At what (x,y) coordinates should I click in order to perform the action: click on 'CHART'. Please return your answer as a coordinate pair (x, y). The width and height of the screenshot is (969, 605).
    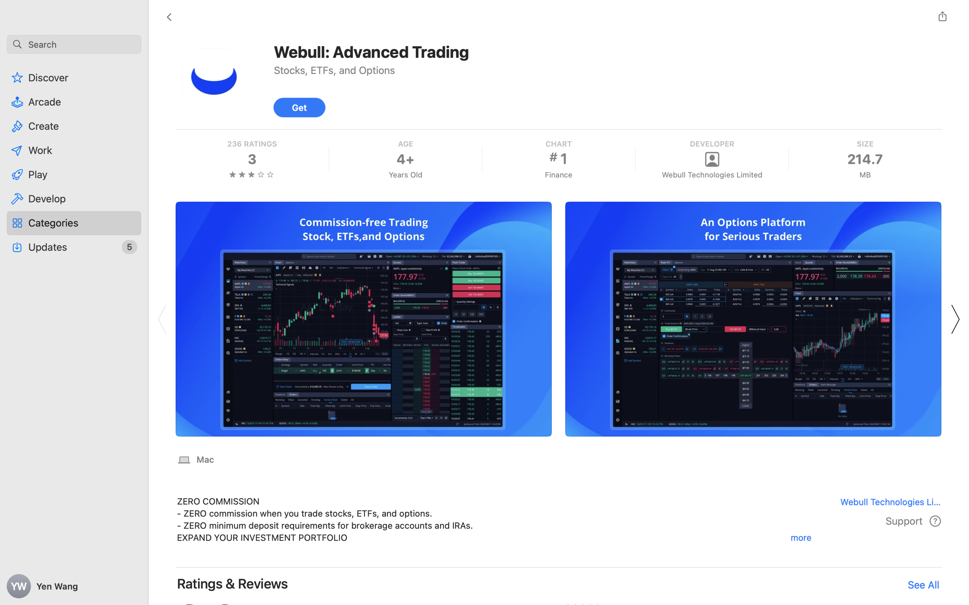
    Looking at the image, I should click on (557, 143).